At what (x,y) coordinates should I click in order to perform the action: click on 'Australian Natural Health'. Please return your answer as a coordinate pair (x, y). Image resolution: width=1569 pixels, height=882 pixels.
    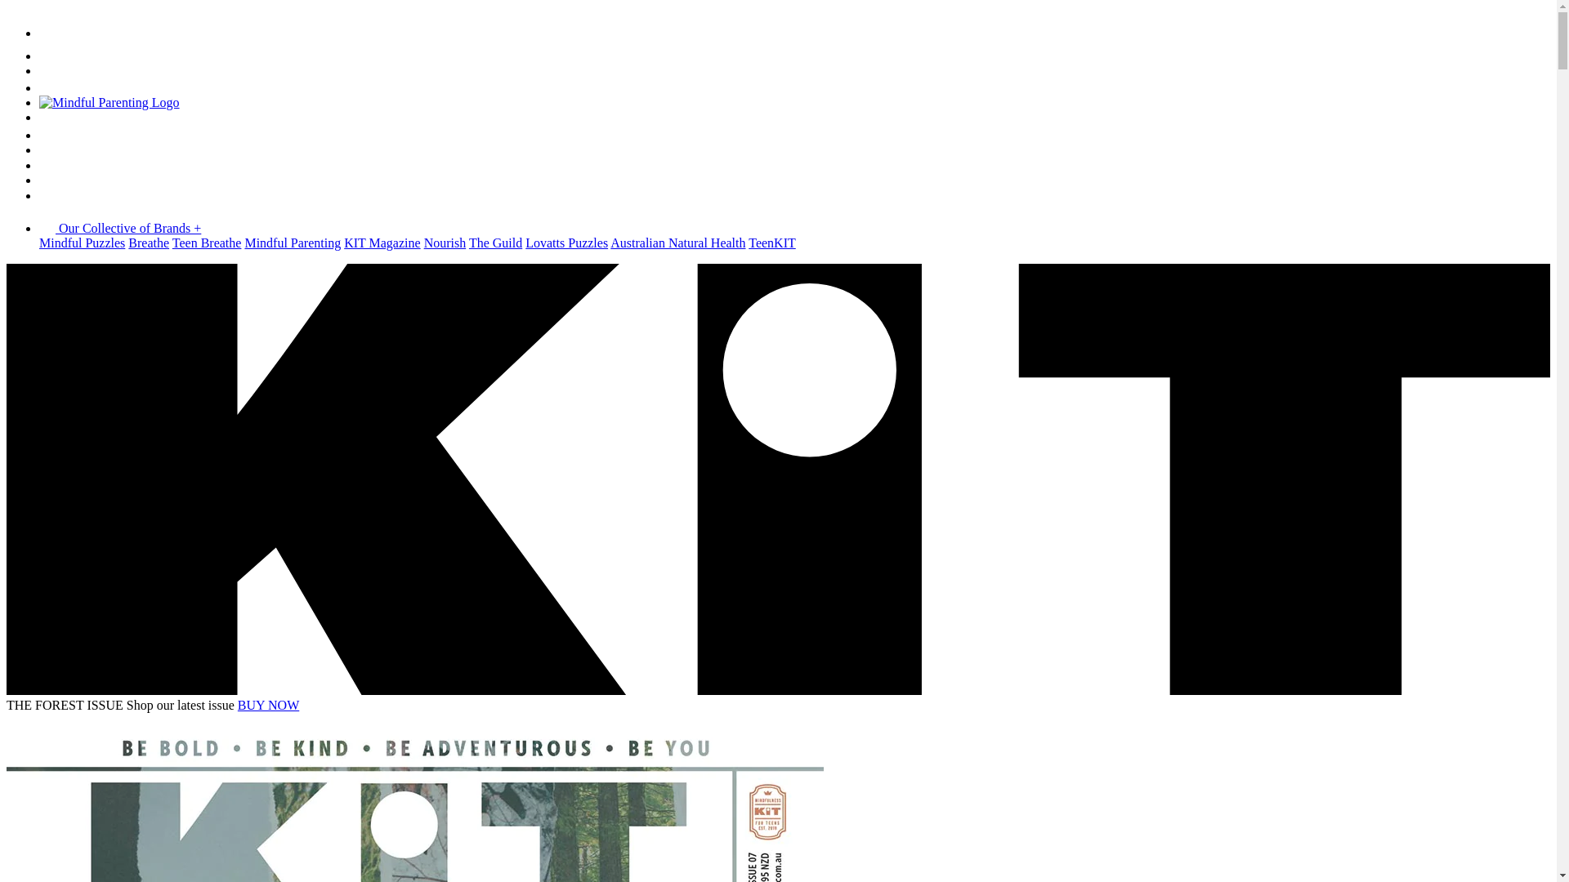
    Looking at the image, I should click on (677, 243).